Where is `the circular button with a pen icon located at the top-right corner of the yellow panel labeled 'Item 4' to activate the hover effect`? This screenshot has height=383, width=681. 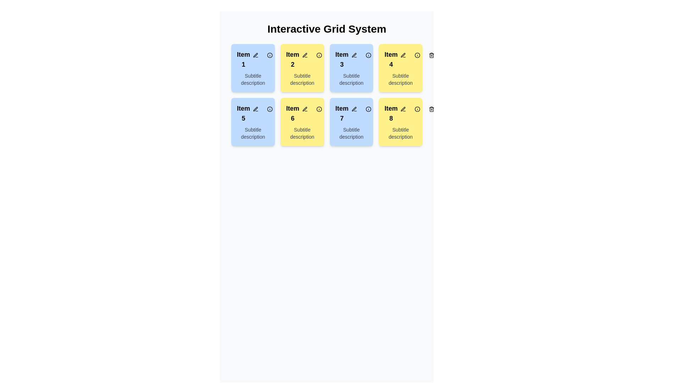
the circular button with a pen icon located at the top-right corner of the yellow panel labeled 'Item 4' to activate the hover effect is located at coordinates (403, 55).